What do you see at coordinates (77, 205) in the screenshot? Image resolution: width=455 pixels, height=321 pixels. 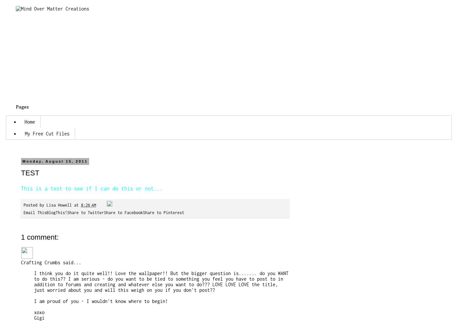 I see `'at'` at bounding box center [77, 205].